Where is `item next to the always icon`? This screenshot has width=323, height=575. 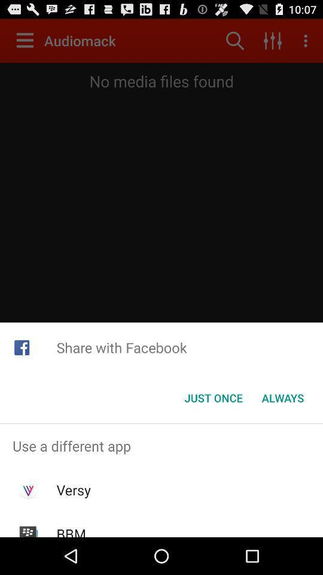
item next to the always icon is located at coordinates (213, 398).